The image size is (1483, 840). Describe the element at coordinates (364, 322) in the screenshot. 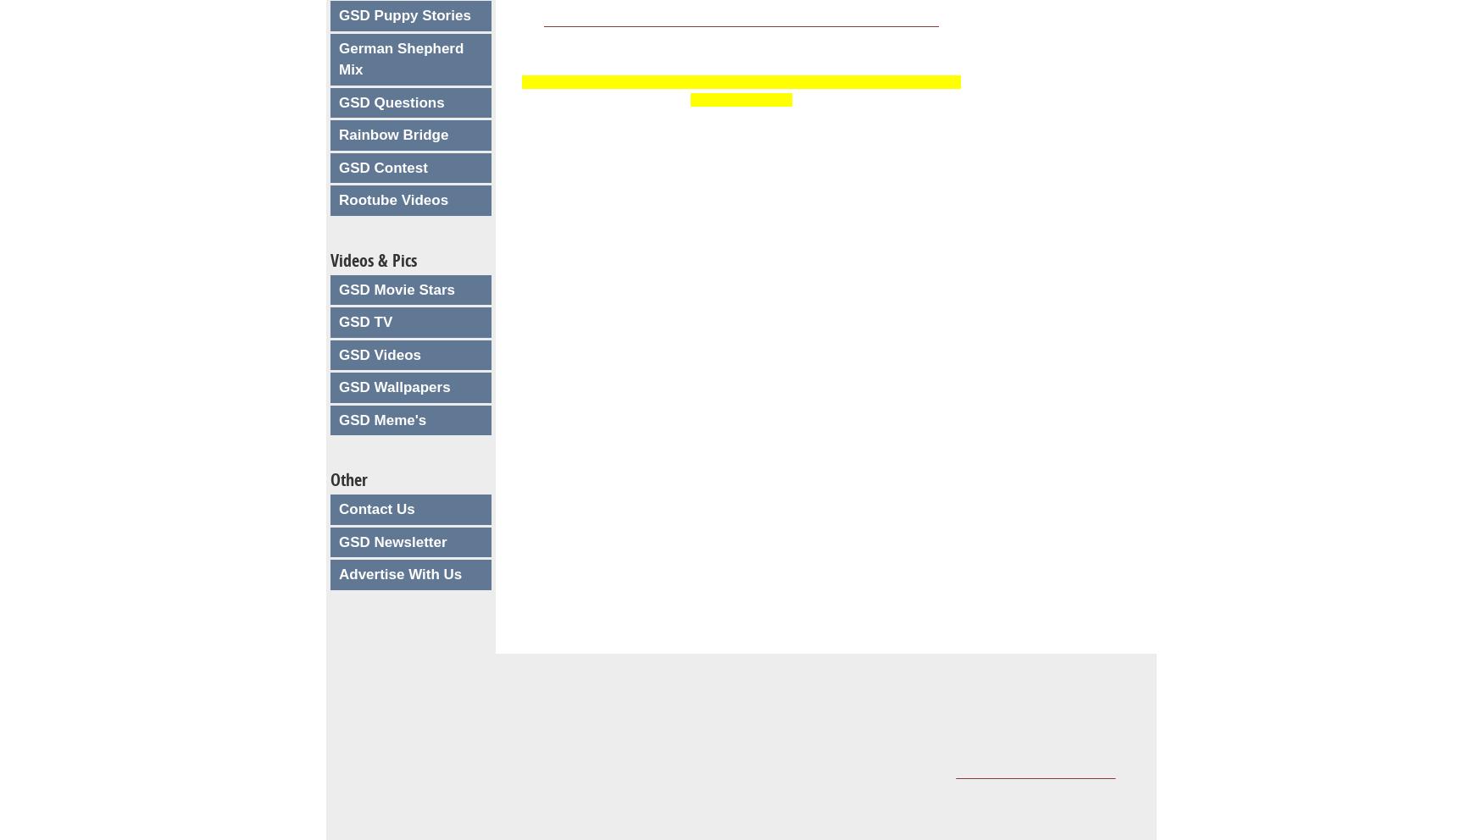

I see `'GSD TV'` at that location.